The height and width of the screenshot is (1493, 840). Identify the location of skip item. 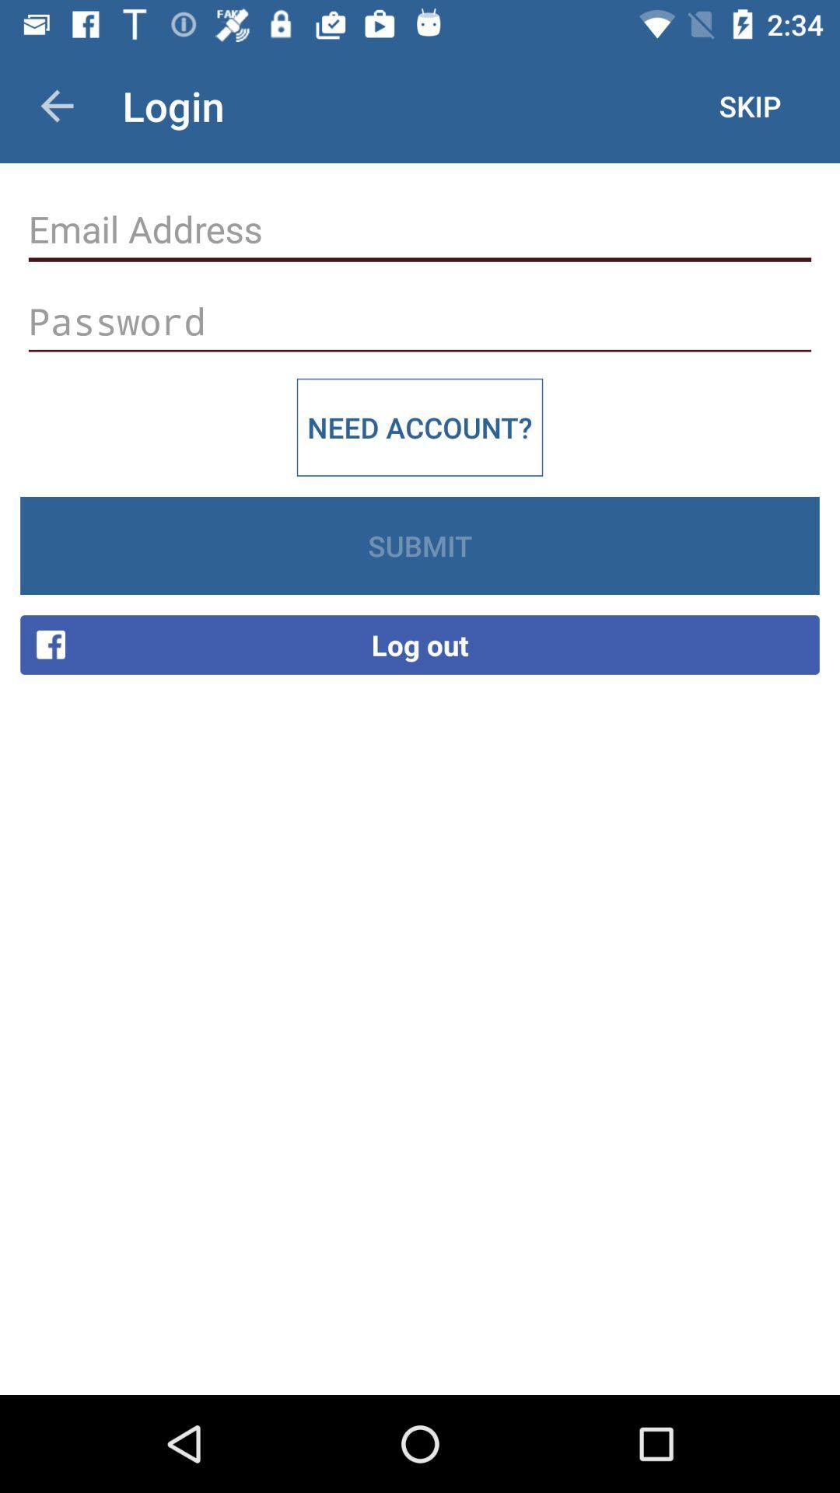
(749, 105).